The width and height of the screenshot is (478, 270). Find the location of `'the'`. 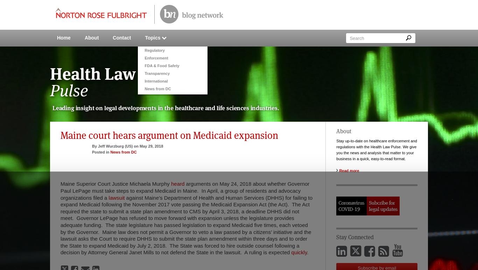

'the' is located at coordinates (164, 108).